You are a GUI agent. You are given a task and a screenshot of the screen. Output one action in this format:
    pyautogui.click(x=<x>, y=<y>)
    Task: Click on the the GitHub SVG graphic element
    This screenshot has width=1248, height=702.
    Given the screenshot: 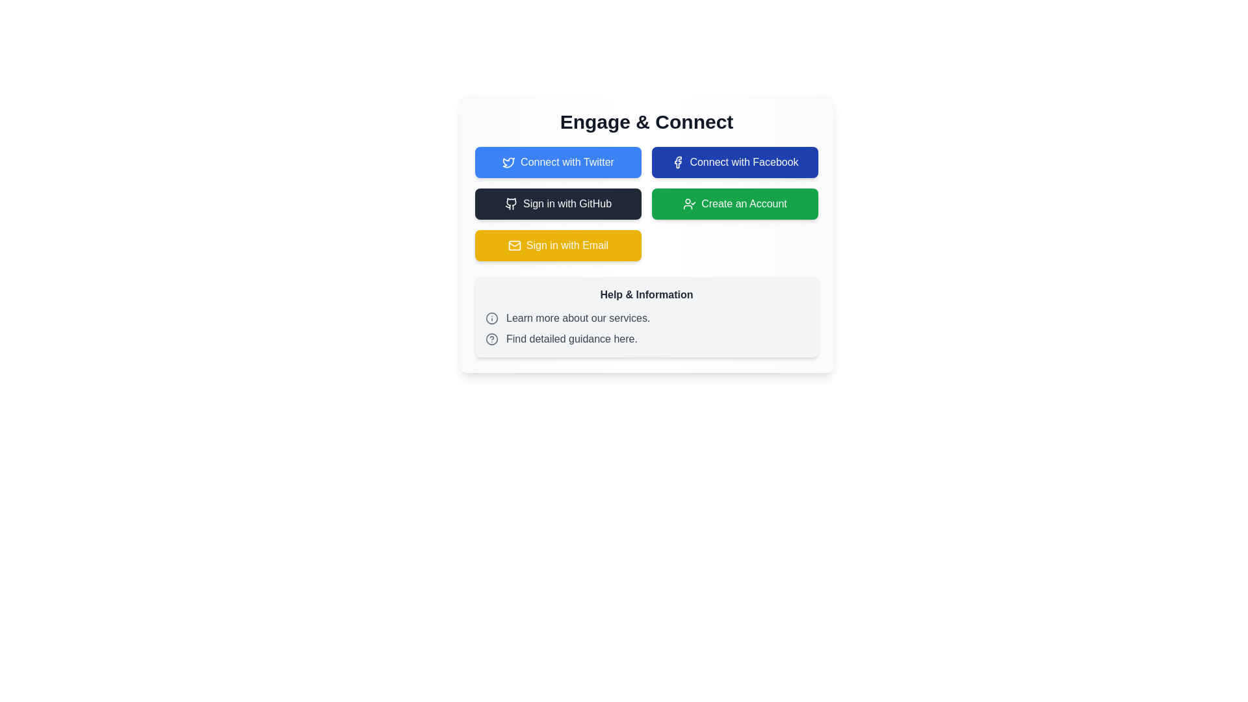 What is the action you would take?
    pyautogui.click(x=511, y=203)
    